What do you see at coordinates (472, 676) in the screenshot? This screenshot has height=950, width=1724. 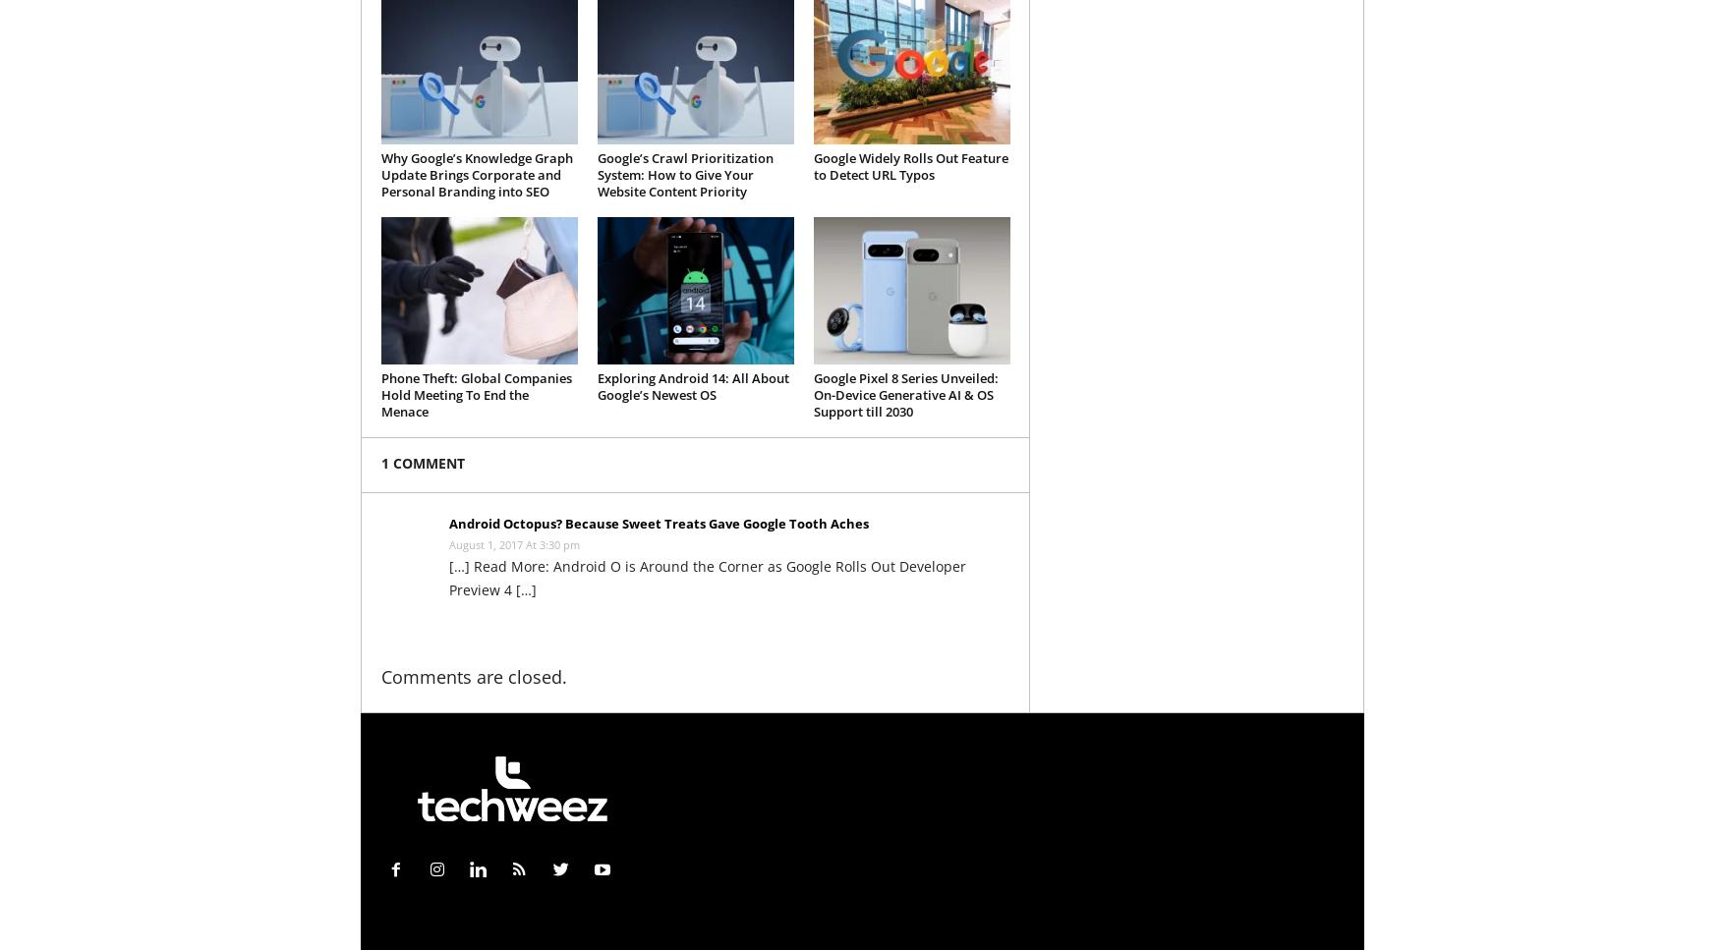 I see `'Comments are closed.'` at bounding box center [472, 676].